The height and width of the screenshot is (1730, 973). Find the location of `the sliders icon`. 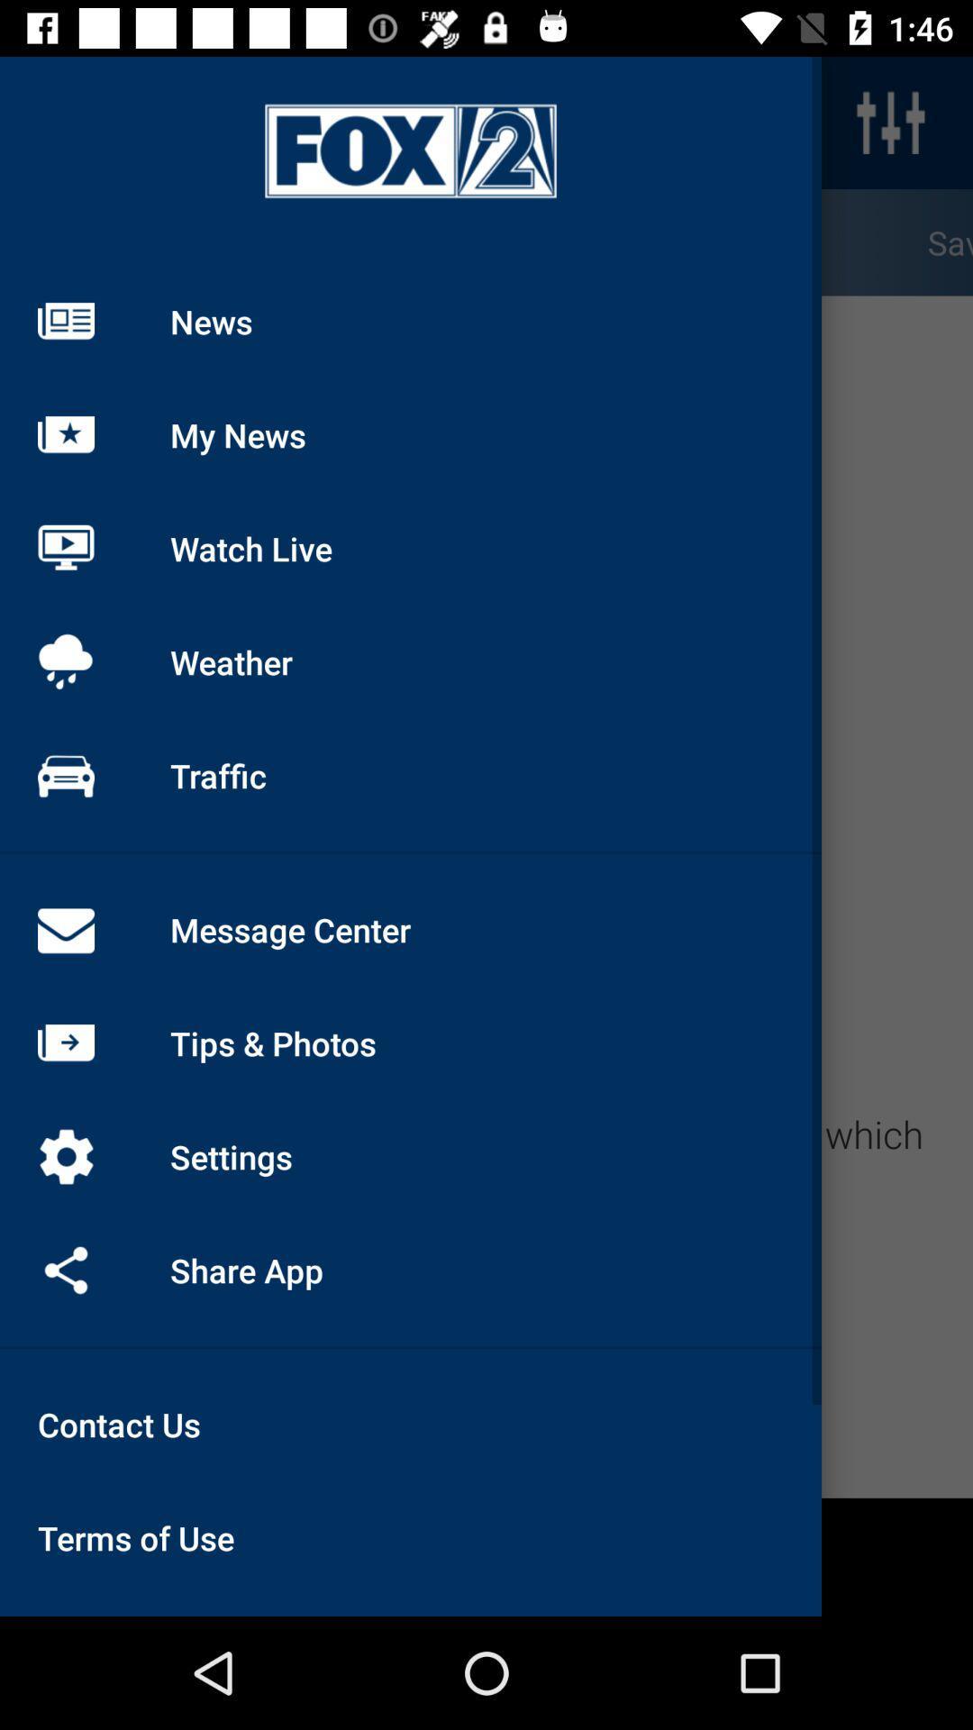

the sliders icon is located at coordinates (889, 122).